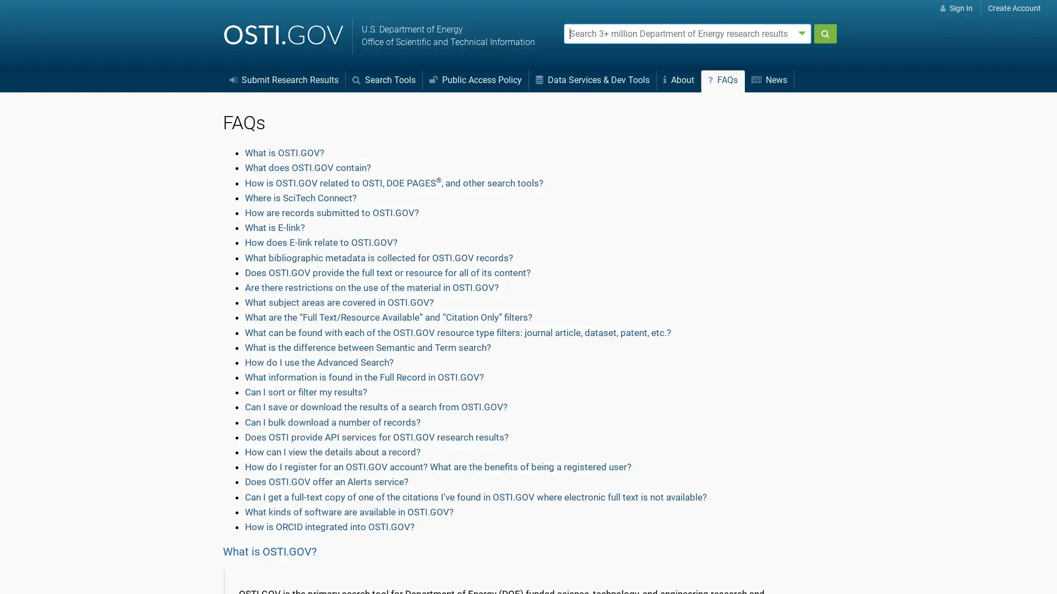 This screenshot has width=1057, height=594. I want to click on Advanced search options, so click(802, 32).